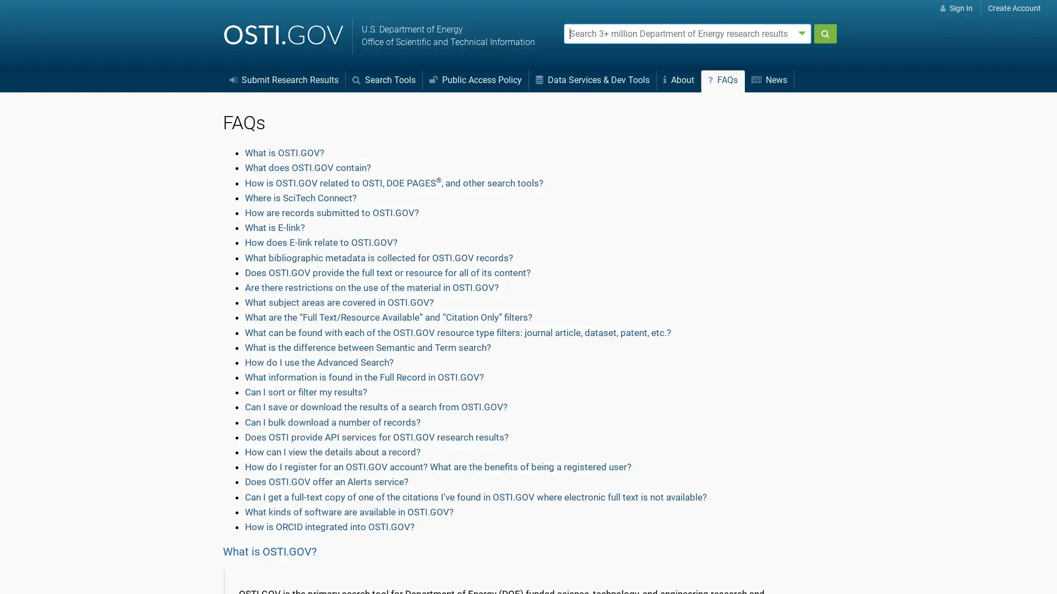 This screenshot has width=1057, height=594. I want to click on Advanced search options, so click(802, 32).